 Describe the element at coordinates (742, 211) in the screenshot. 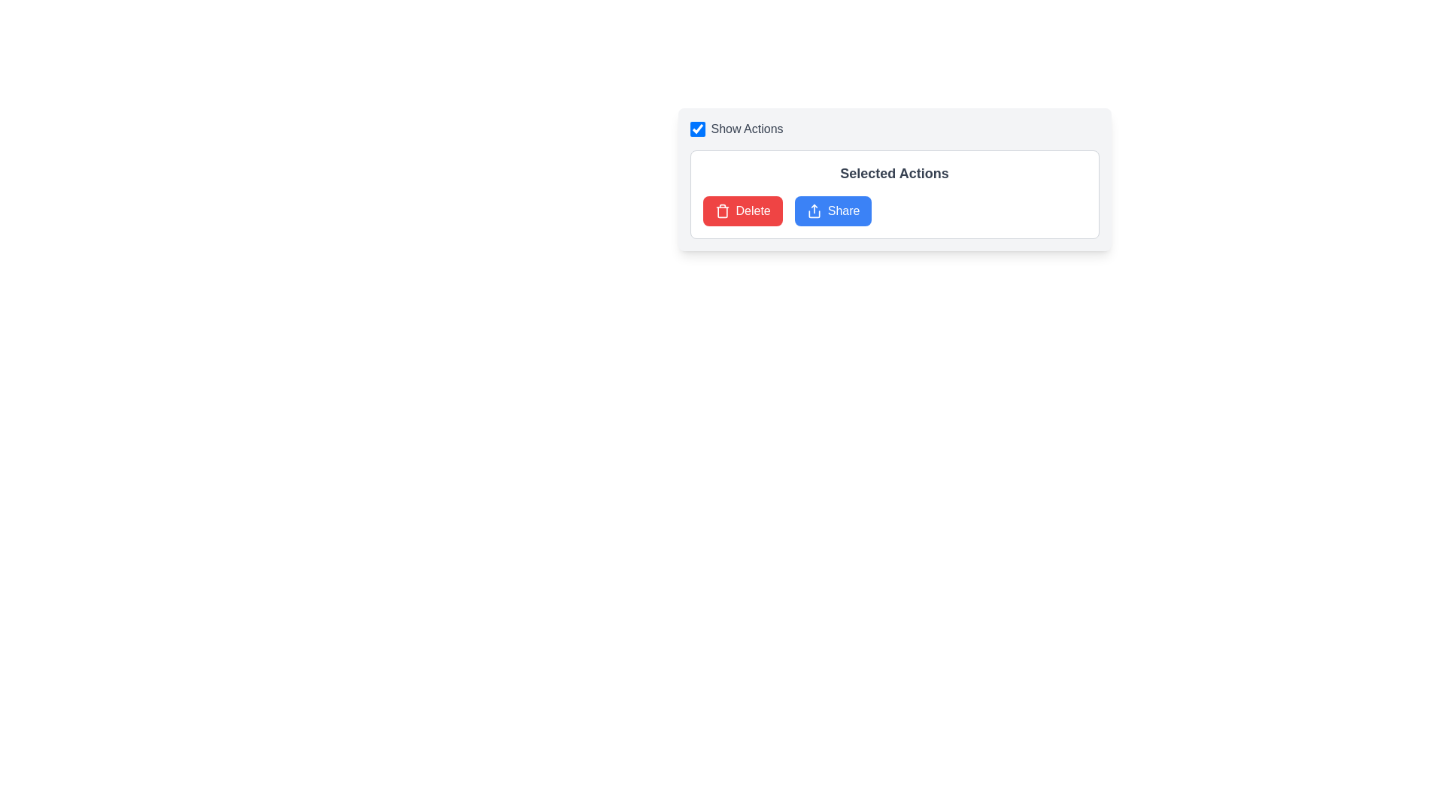

I see `the red 'Delete' button with rounded corners labeled 'Delete'` at that location.